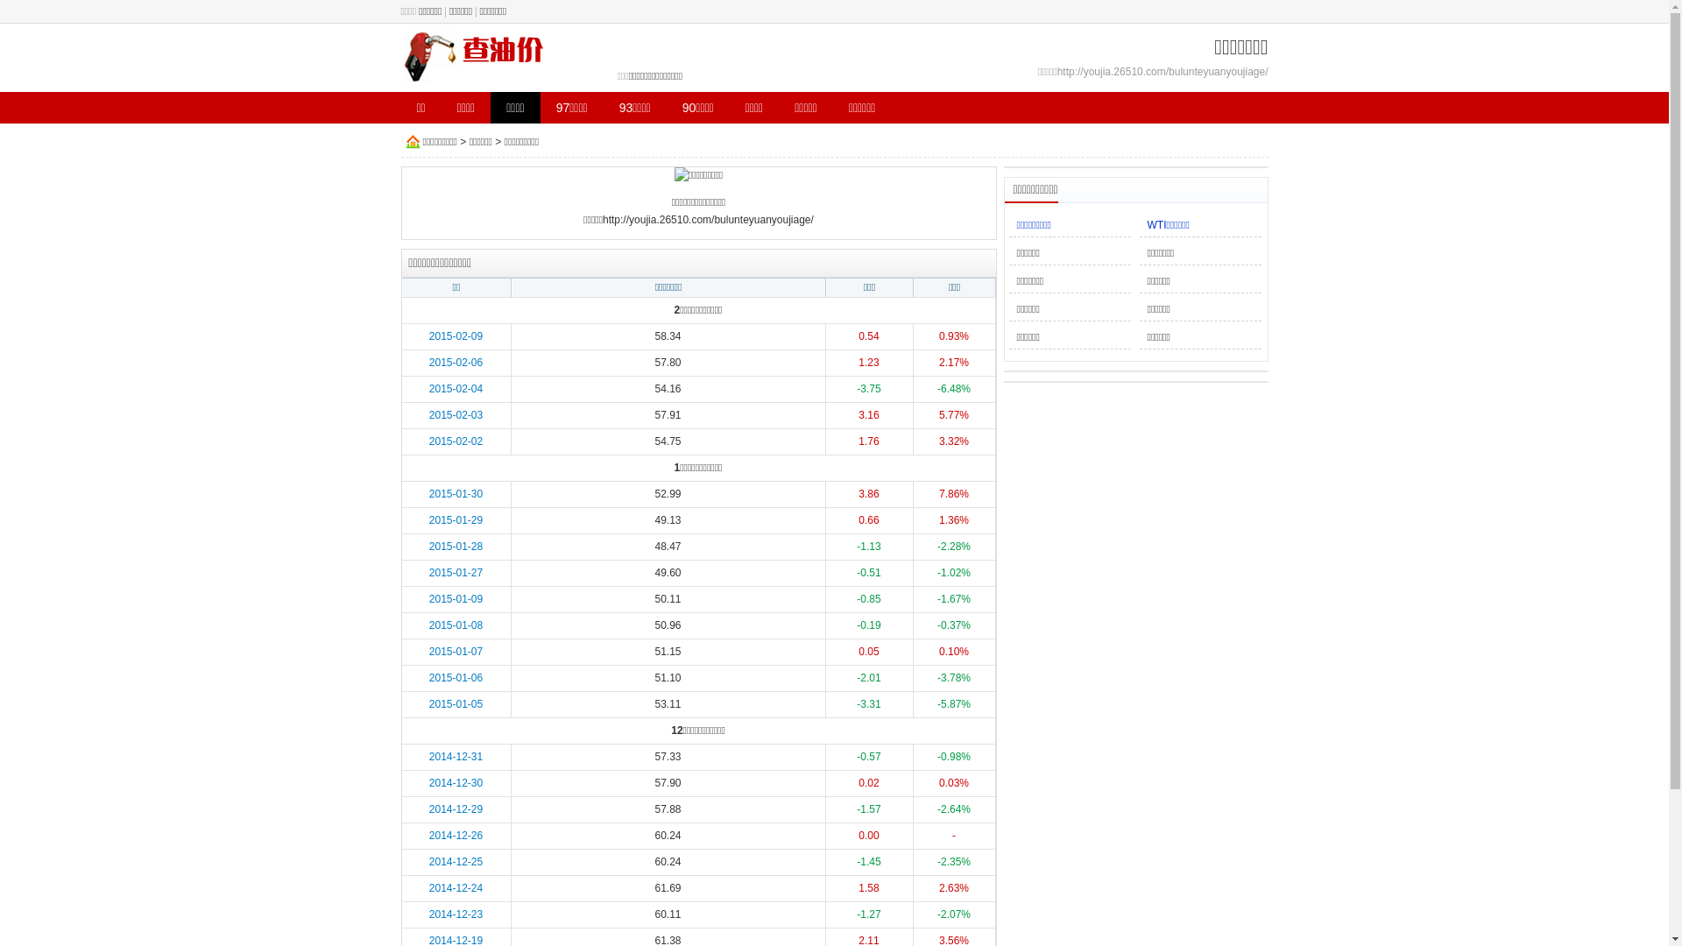 Image resolution: width=1682 pixels, height=946 pixels. What do you see at coordinates (428, 597) in the screenshot?
I see `'2015-01-09'` at bounding box center [428, 597].